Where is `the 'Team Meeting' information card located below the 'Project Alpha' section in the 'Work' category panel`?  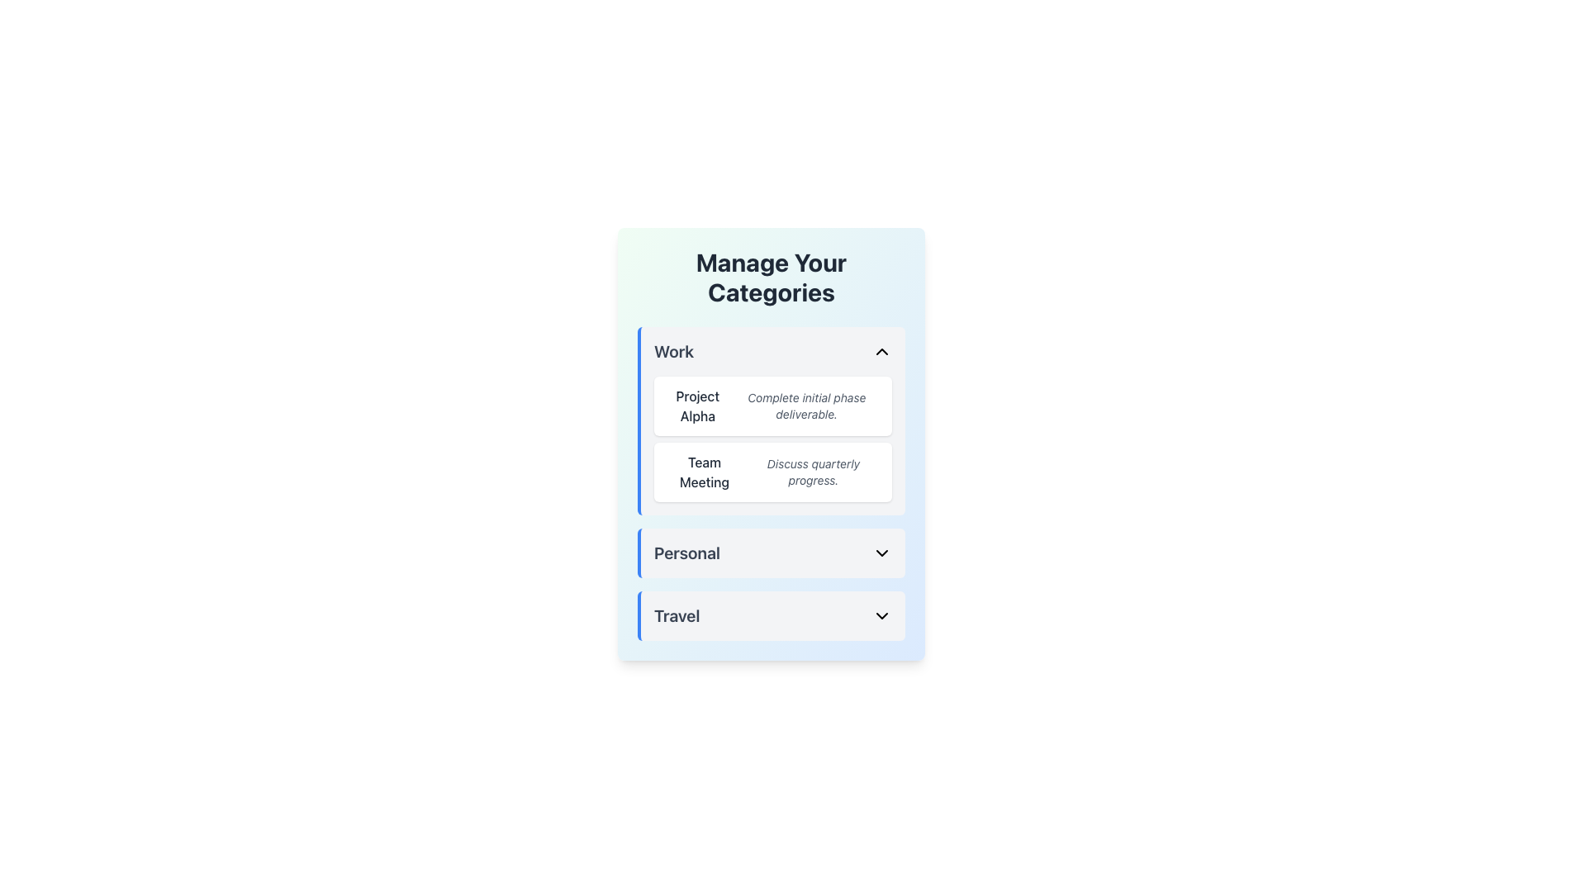 the 'Team Meeting' information card located below the 'Project Alpha' section in the 'Work' category panel is located at coordinates (772, 472).